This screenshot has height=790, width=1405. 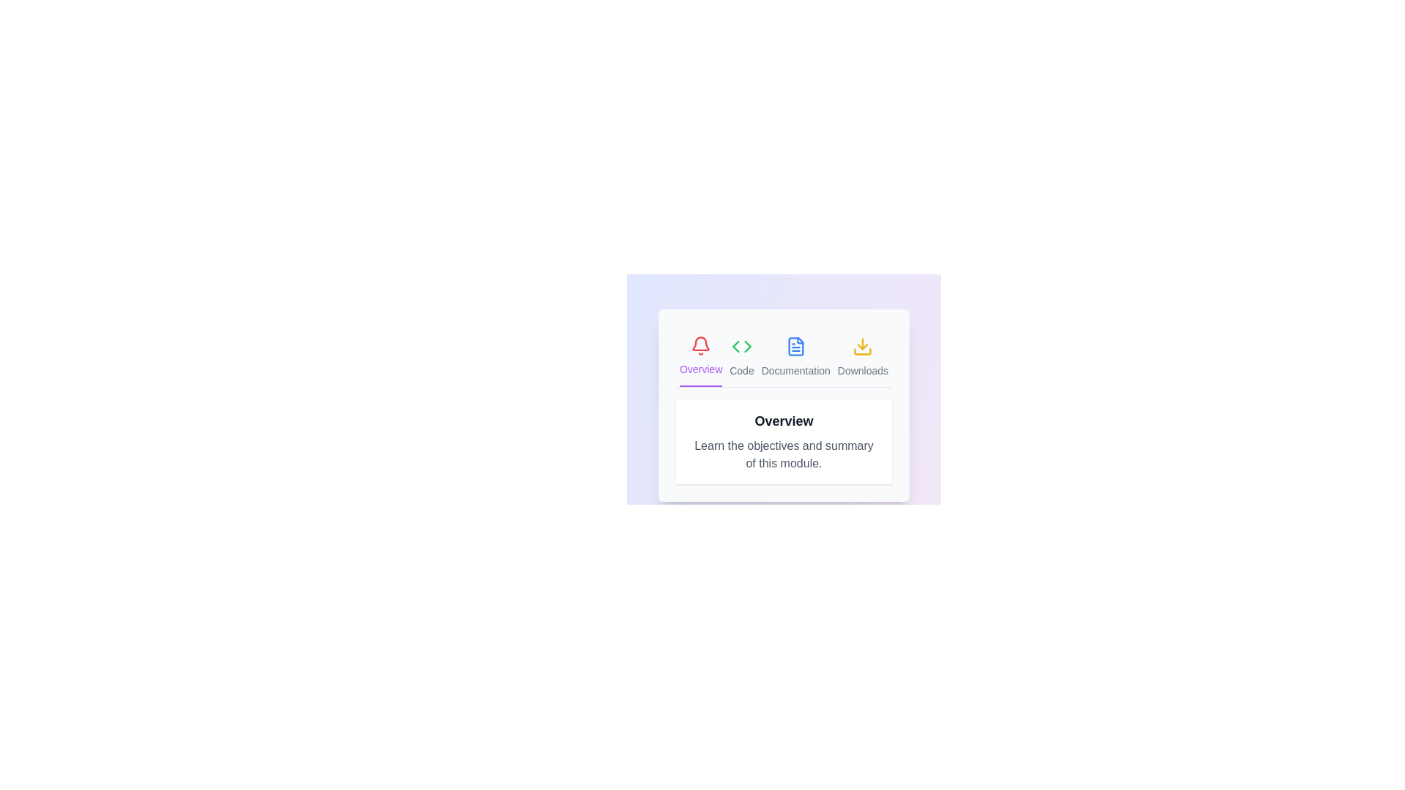 What do you see at coordinates (795, 357) in the screenshot?
I see `the icon of the Documentation tab to activate it` at bounding box center [795, 357].